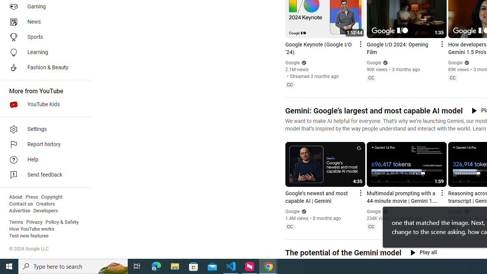 The image size is (487, 274). What do you see at coordinates (342, 253) in the screenshot?
I see `'The potential of the Gemini model'` at bounding box center [342, 253].